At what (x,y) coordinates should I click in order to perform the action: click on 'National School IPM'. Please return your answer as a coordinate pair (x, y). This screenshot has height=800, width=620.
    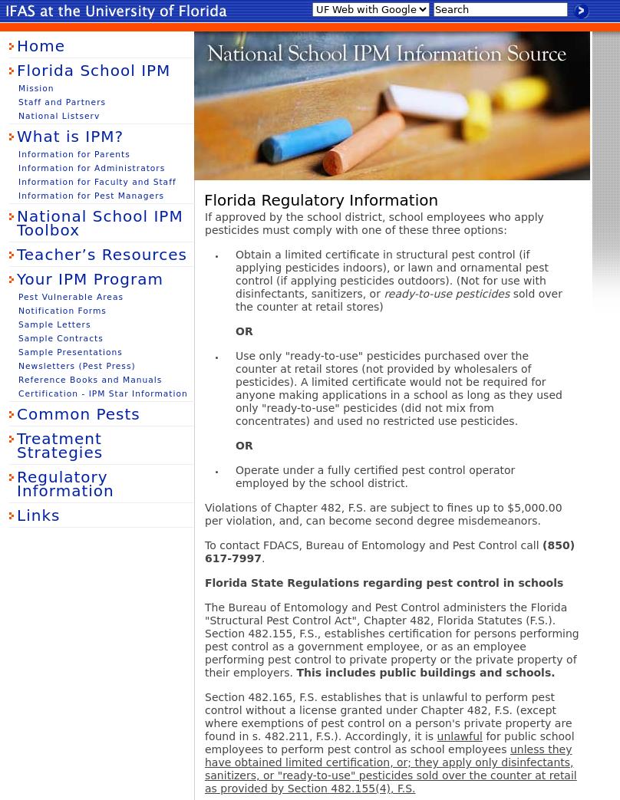
    Looking at the image, I should click on (195, 41).